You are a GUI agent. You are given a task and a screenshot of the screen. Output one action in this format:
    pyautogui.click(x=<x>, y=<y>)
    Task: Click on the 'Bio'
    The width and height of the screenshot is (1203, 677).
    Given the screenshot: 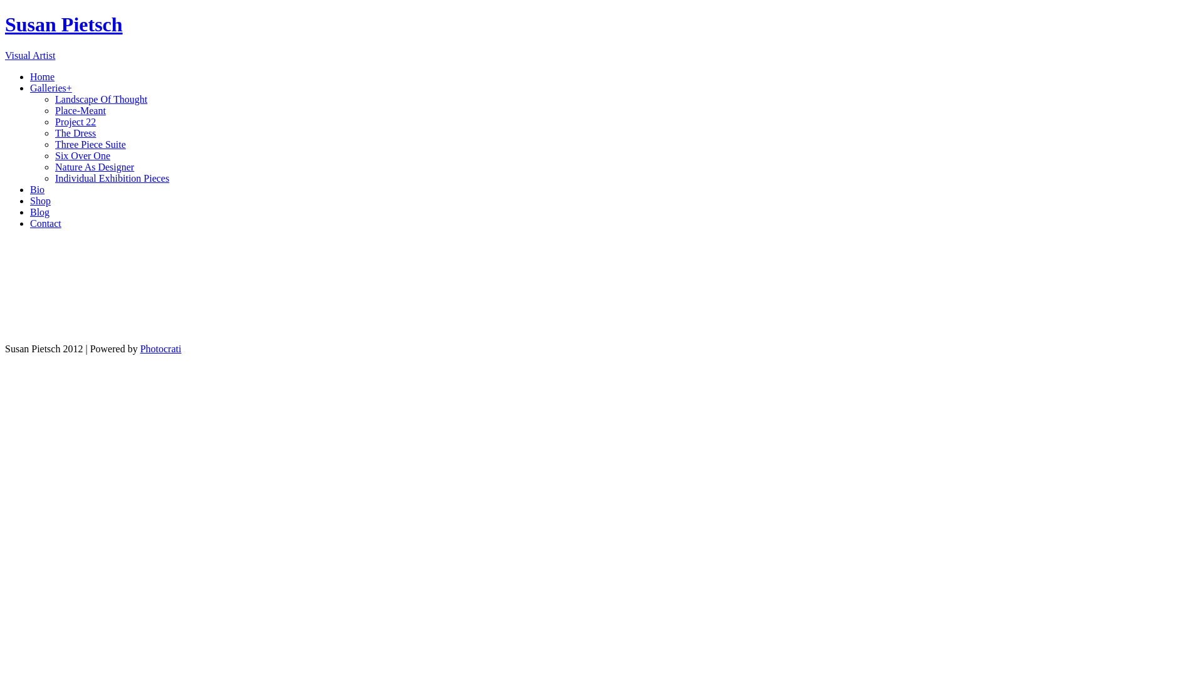 What is the action you would take?
    pyautogui.click(x=37, y=189)
    